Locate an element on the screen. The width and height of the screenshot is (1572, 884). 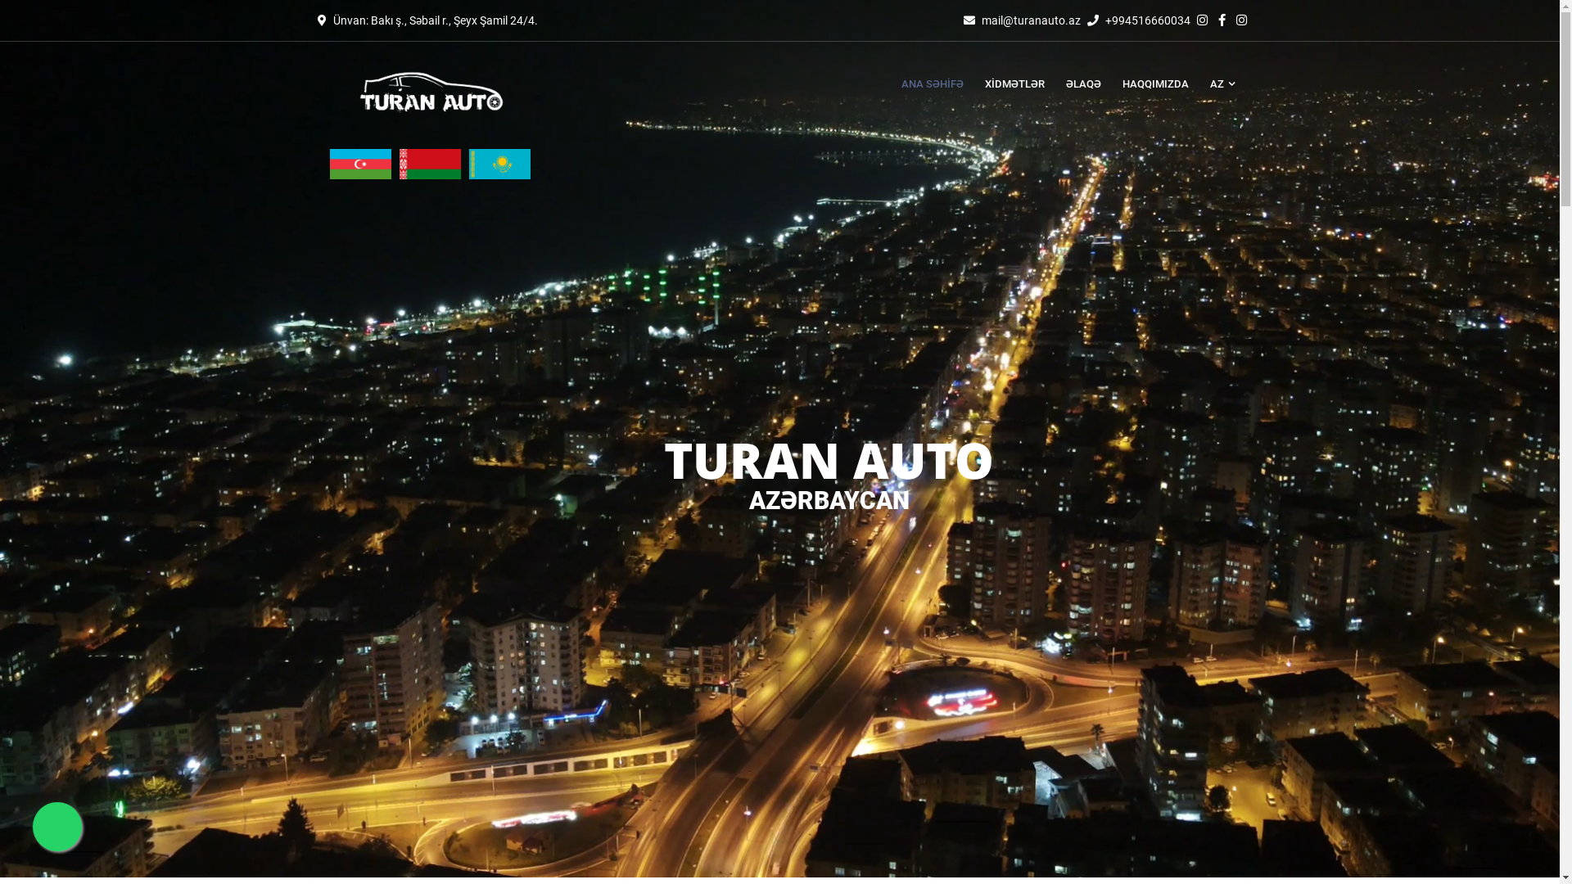
'https://www.facebook.com/turanauto' is located at coordinates (1223, 20).